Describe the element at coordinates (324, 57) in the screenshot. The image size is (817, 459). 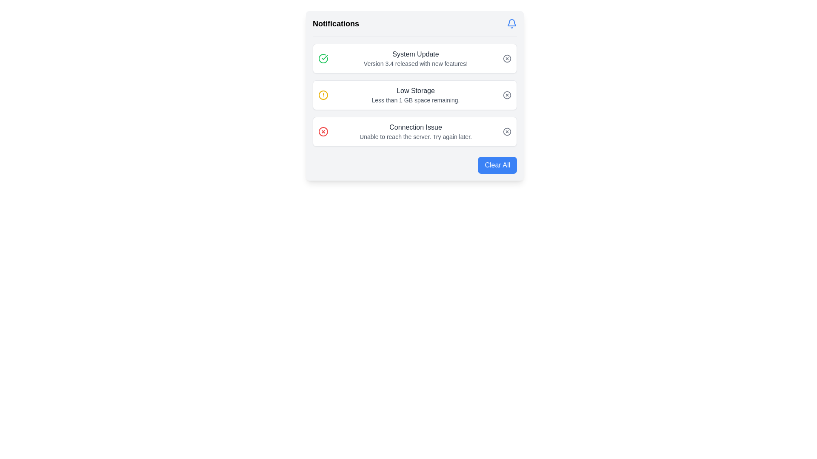
I see `the check mark icon within the SVG graphic next to the 'System Update' notification for feedback` at that location.